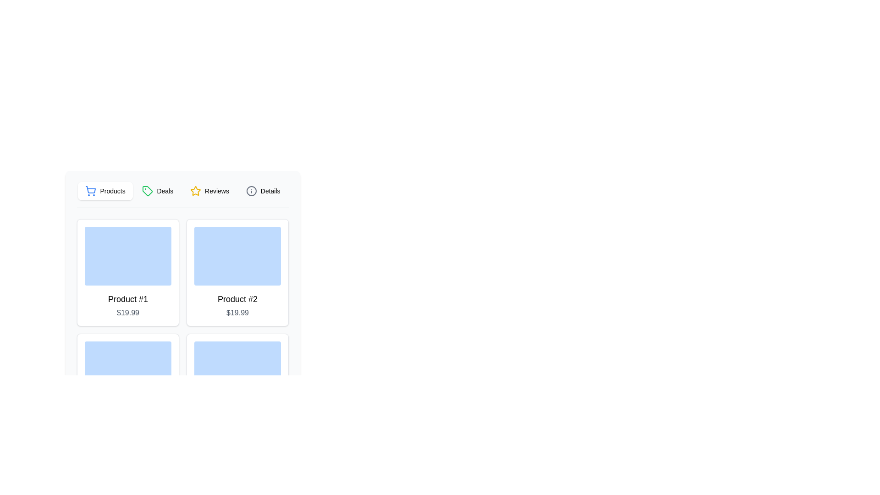  I want to click on the circular decorative graphical element within the SVG icon located in the top-right corner of the navigation bar, as it is part of the control icons, so click(251, 190).